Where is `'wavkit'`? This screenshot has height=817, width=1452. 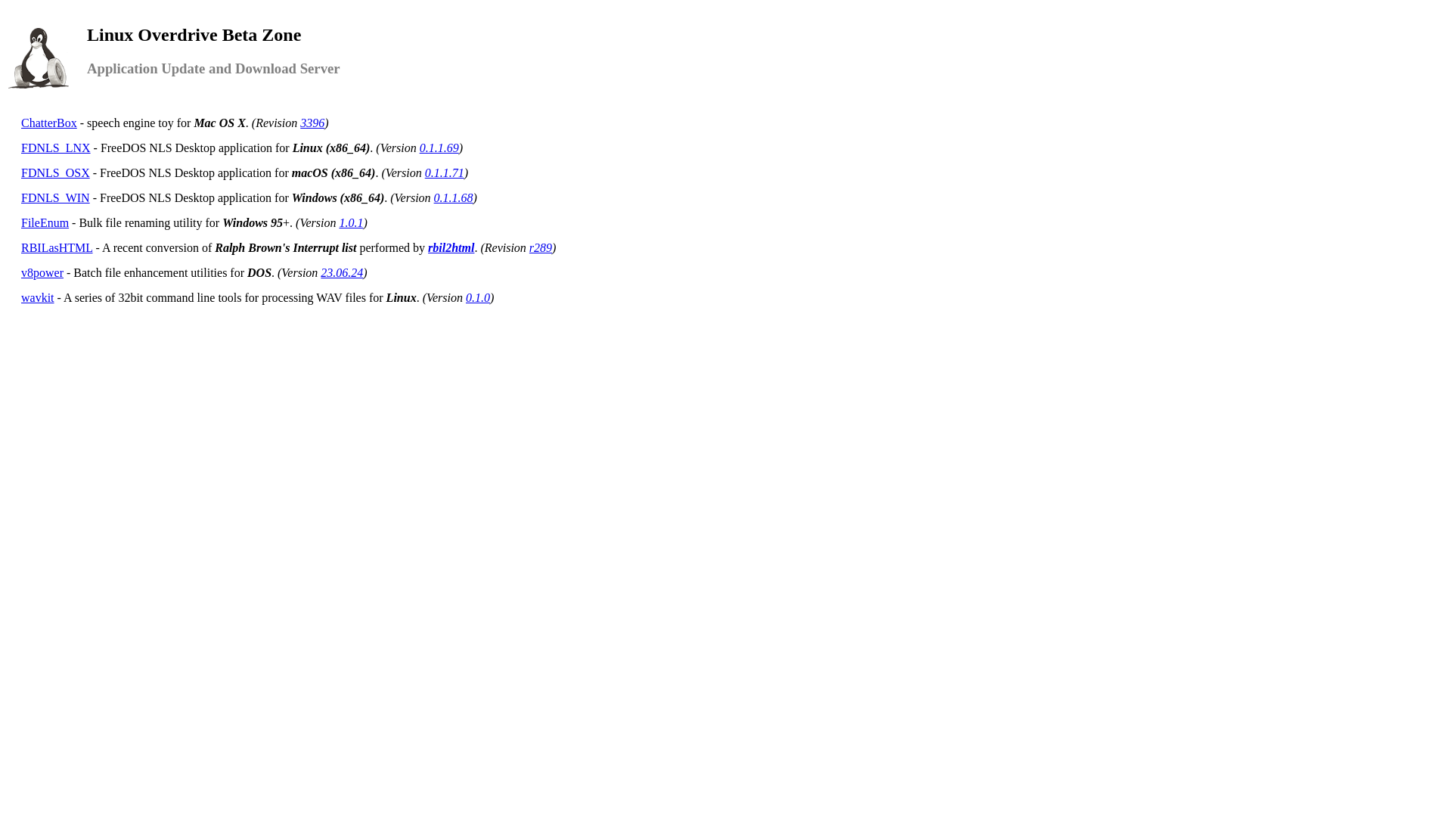 'wavkit' is located at coordinates (37, 297).